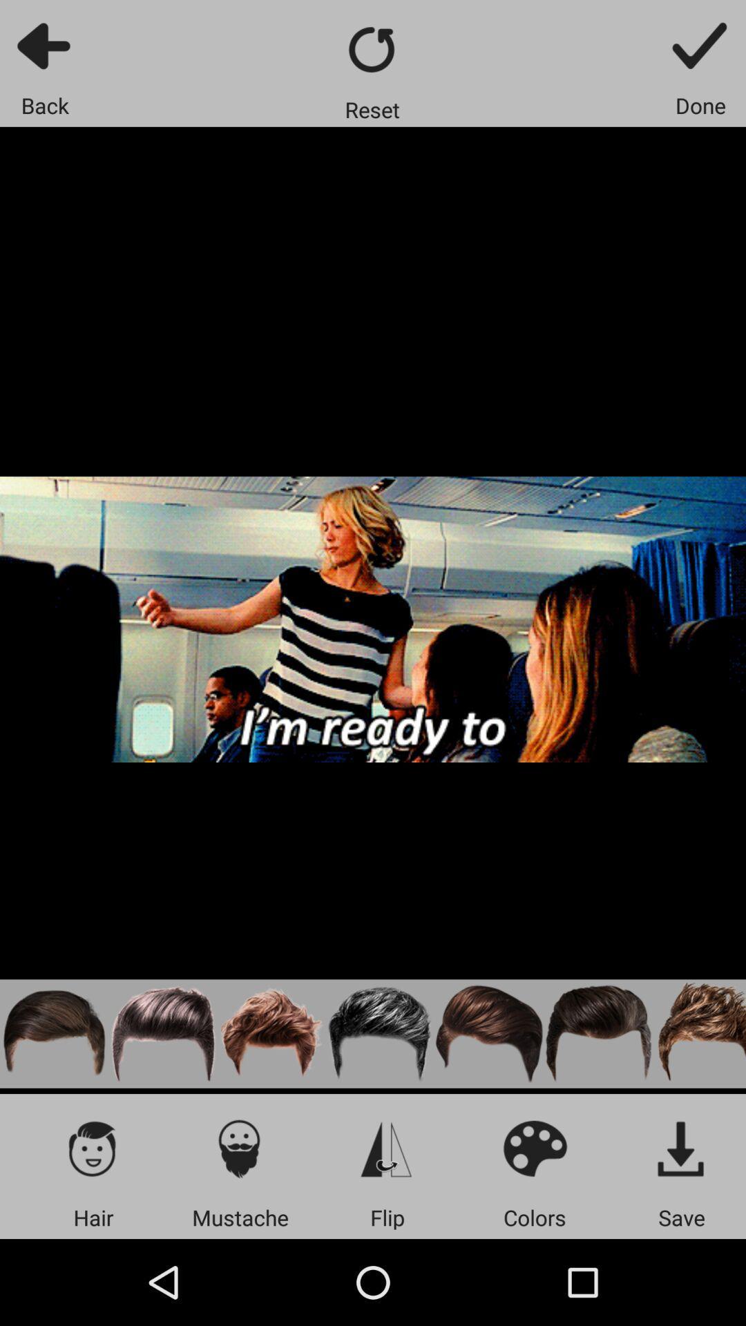 Image resolution: width=746 pixels, height=1326 pixels. Describe the element at coordinates (387, 1148) in the screenshot. I see `flip` at that location.